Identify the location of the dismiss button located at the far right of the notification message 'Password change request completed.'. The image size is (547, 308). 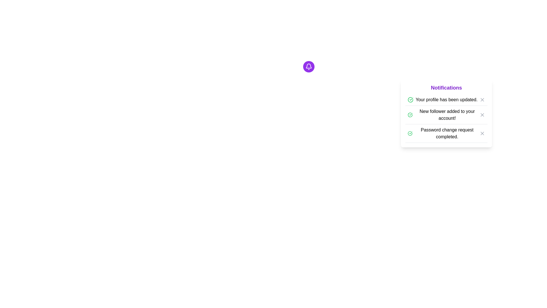
(482, 133).